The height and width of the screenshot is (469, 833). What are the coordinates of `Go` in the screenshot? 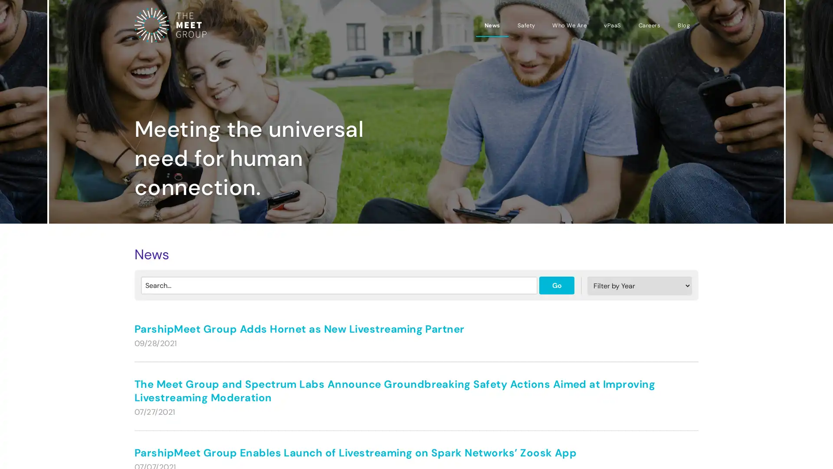 It's located at (556, 285).